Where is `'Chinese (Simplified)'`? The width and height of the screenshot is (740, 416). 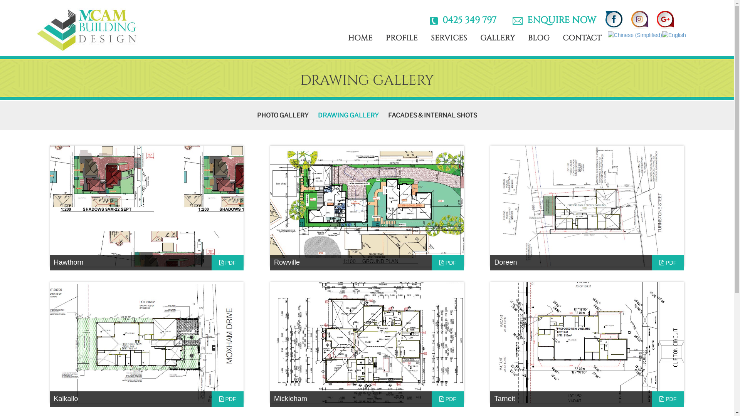 'Chinese (Simplified)' is located at coordinates (635, 34).